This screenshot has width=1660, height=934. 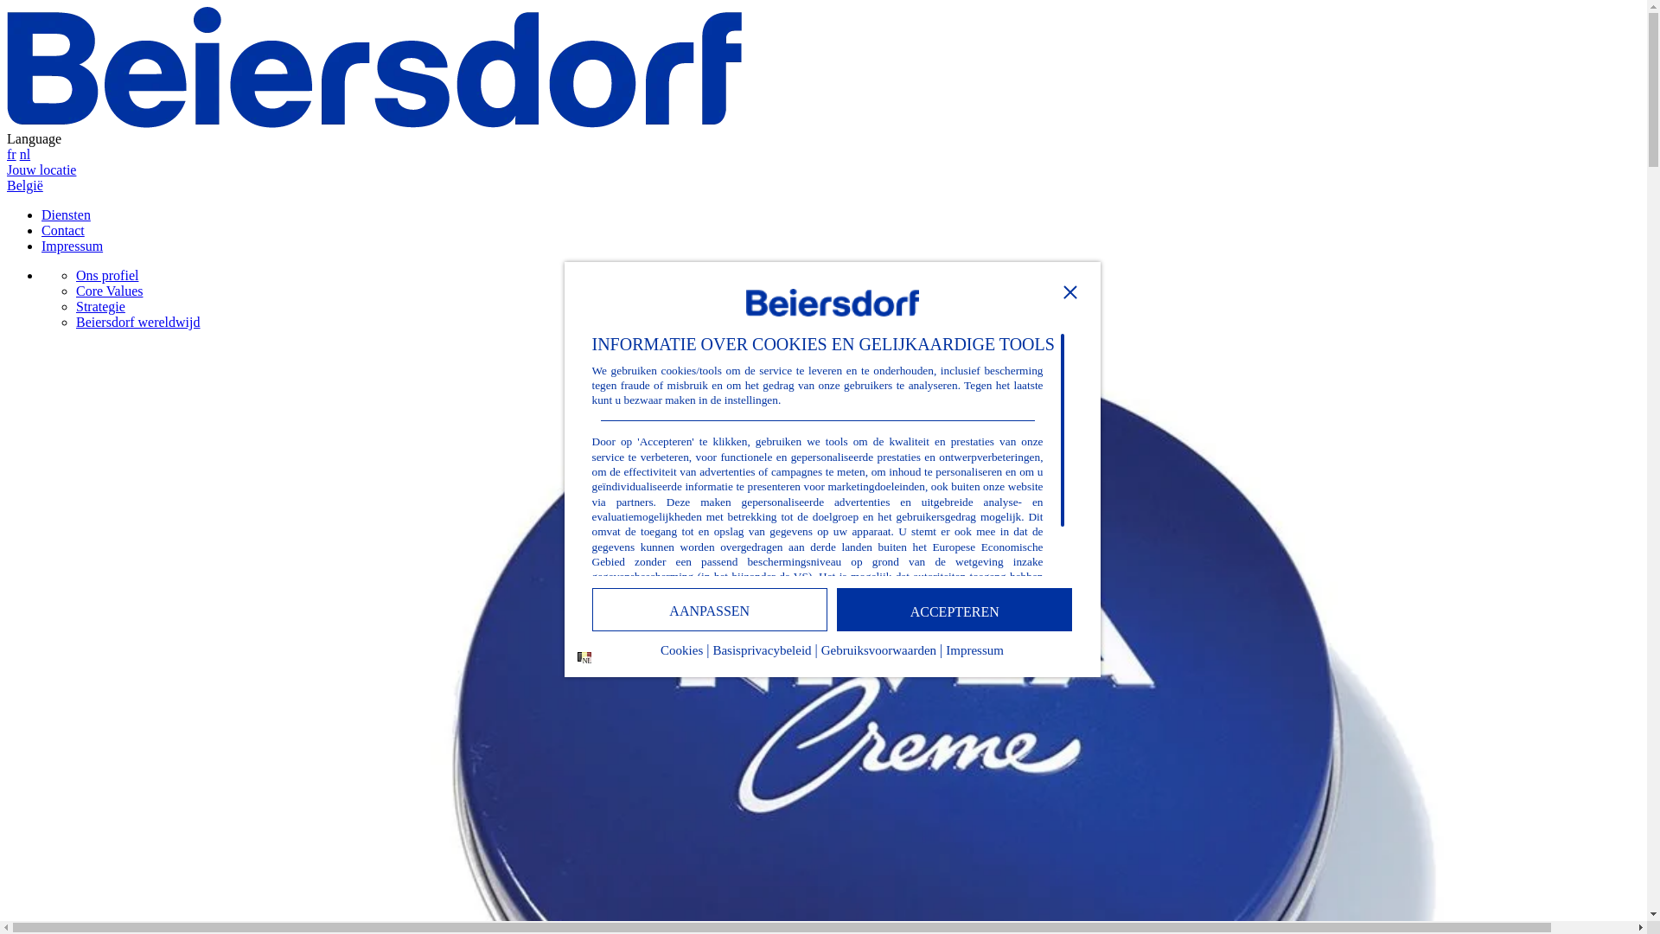 What do you see at coordinates (99, 305) in the screenshot?
I see `'Strategie'` at bounding box center [99, 305].